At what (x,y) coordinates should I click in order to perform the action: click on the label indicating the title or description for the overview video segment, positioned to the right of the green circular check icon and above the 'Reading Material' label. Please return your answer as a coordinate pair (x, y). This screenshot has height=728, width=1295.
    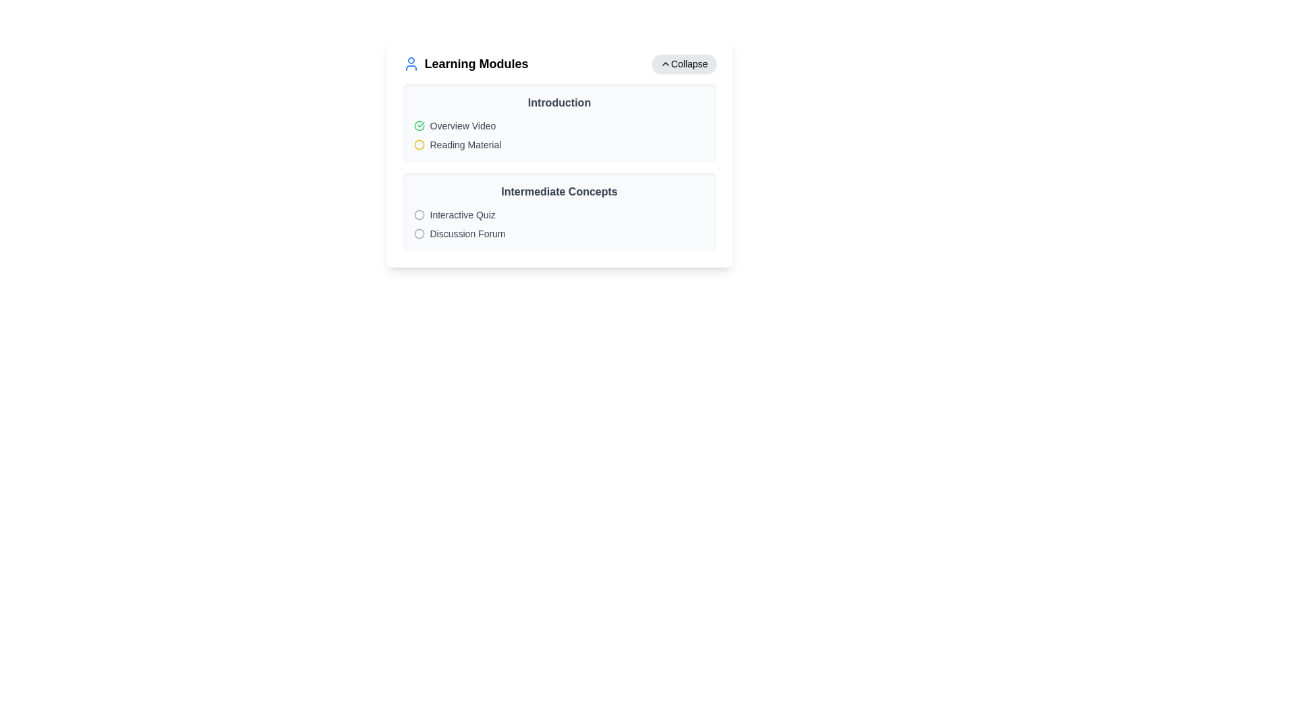
    Looking at the image, I should click on (463, 125).